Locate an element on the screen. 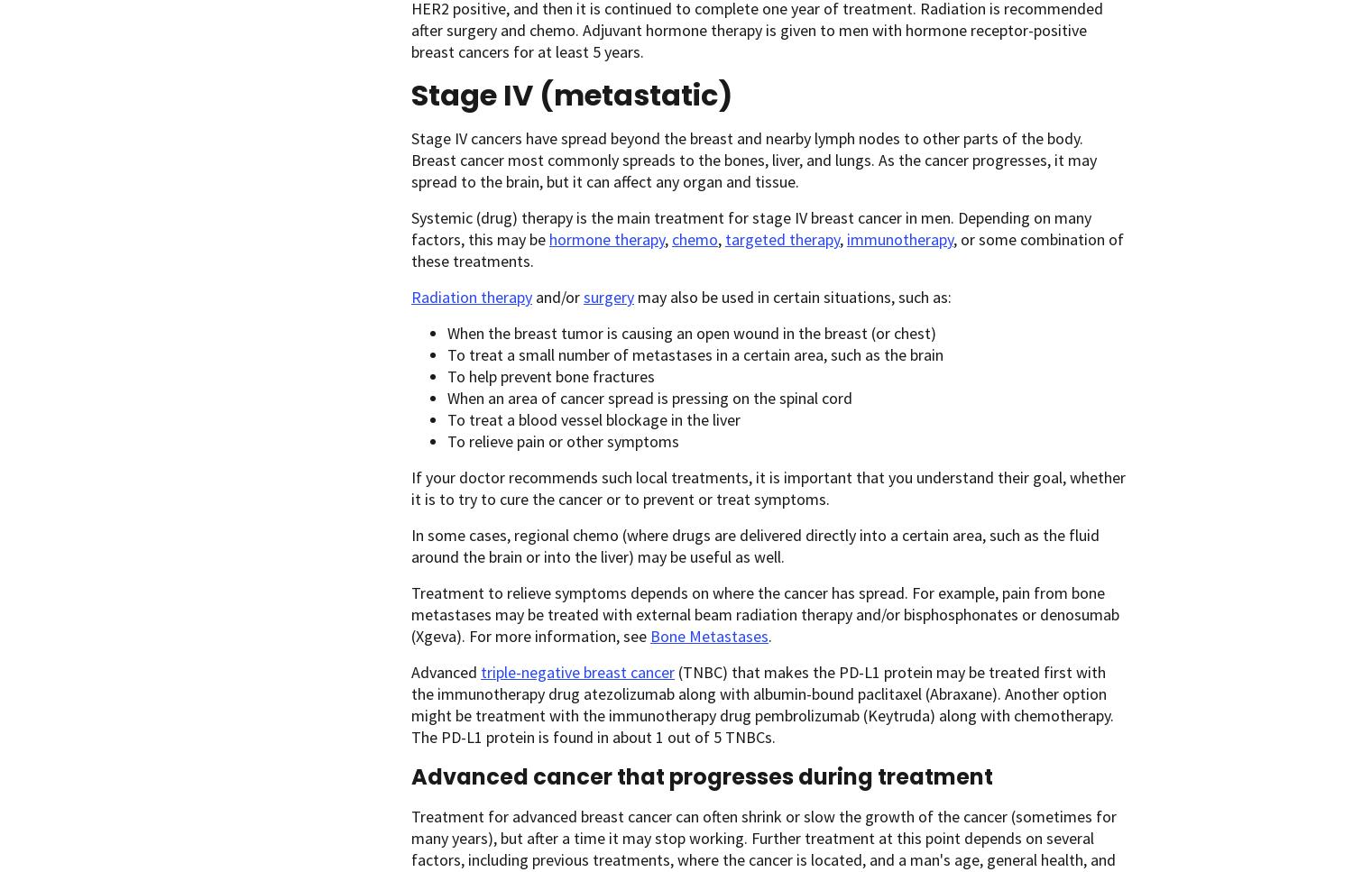  'Systemic (drug) therapy is the main treatment for stage IV breast cancer in men. Depending on many factors, this may be' is located at coordinates (410, 228).